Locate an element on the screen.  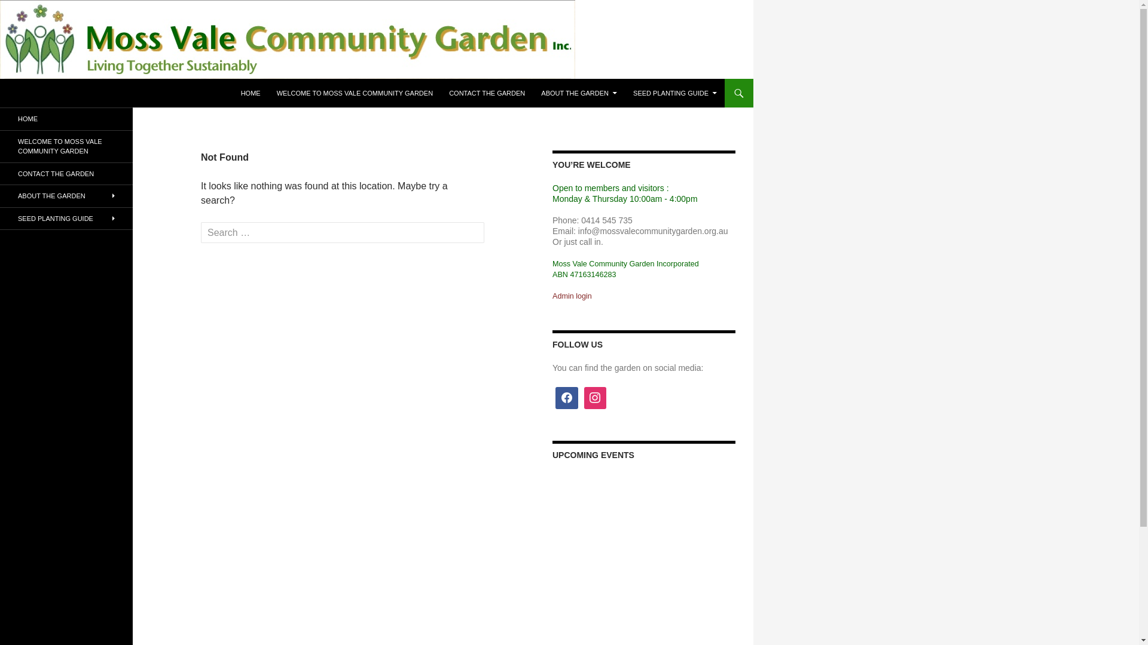
'Facebook' is located at coordinates (566, 398).